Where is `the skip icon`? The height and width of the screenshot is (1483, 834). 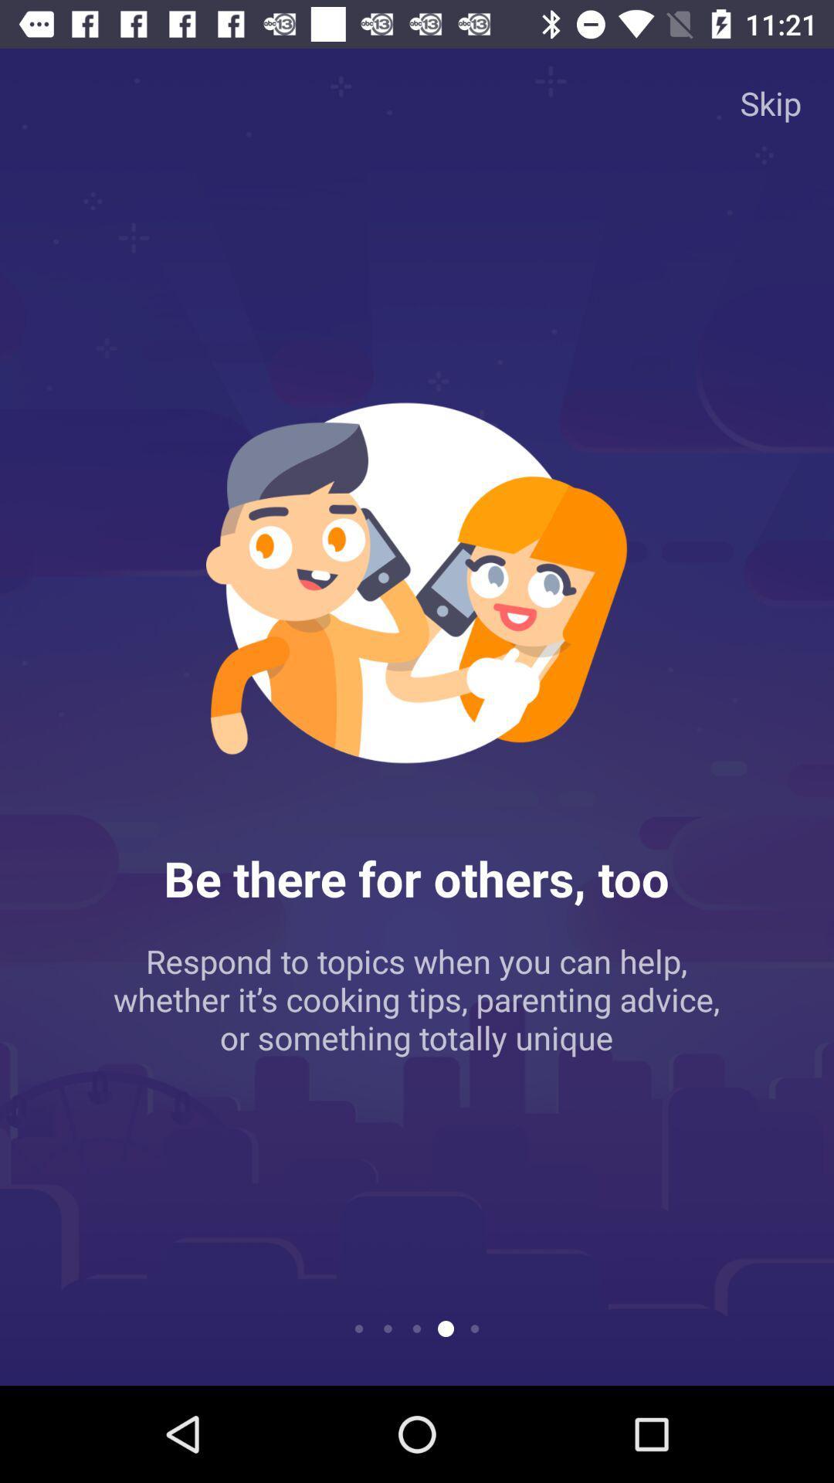 the skip icon is located at coordinates (771, 102).